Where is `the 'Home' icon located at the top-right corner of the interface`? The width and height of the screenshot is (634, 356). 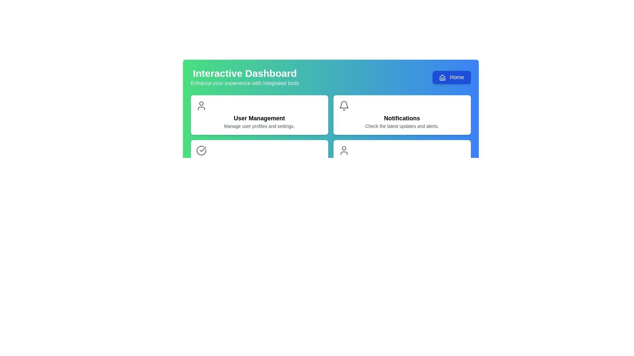 the 'Home' icon located at the top-right corner of the interface is located at coordinates (442, 77).